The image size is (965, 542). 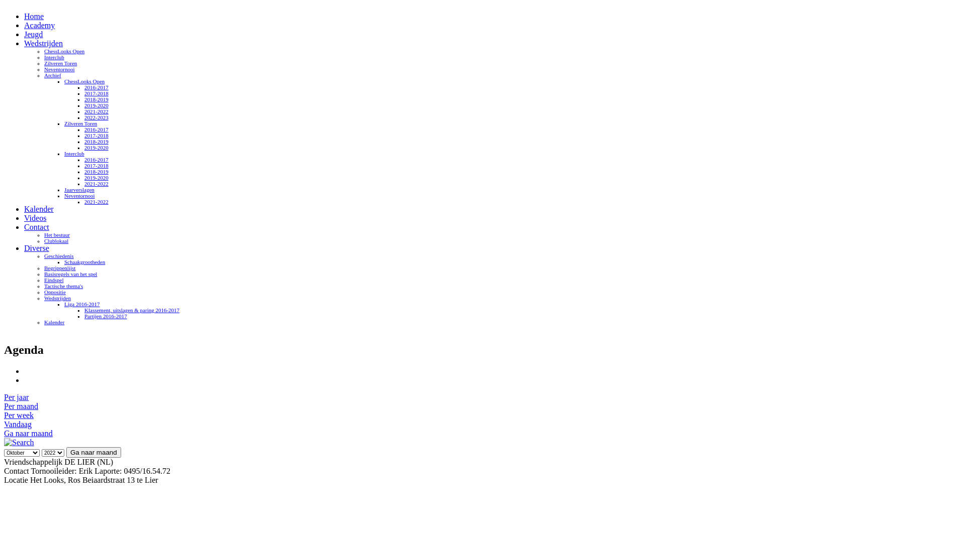 I want to click on '2016-2017', so click(x=96, y=86).